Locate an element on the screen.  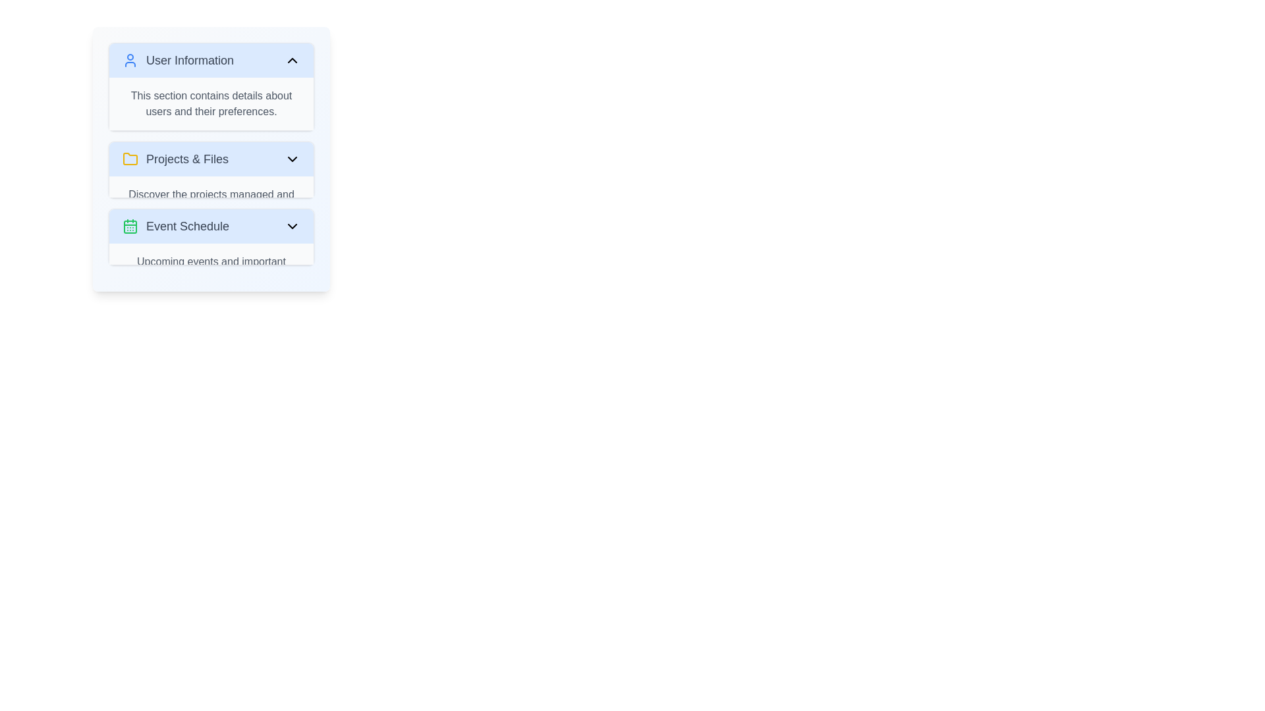
static text content that provides additional descriptive information about the 'User Information' section, which is centrally aligned and positioned below the heading 'User Information.' is located at coordinates (211, 103).